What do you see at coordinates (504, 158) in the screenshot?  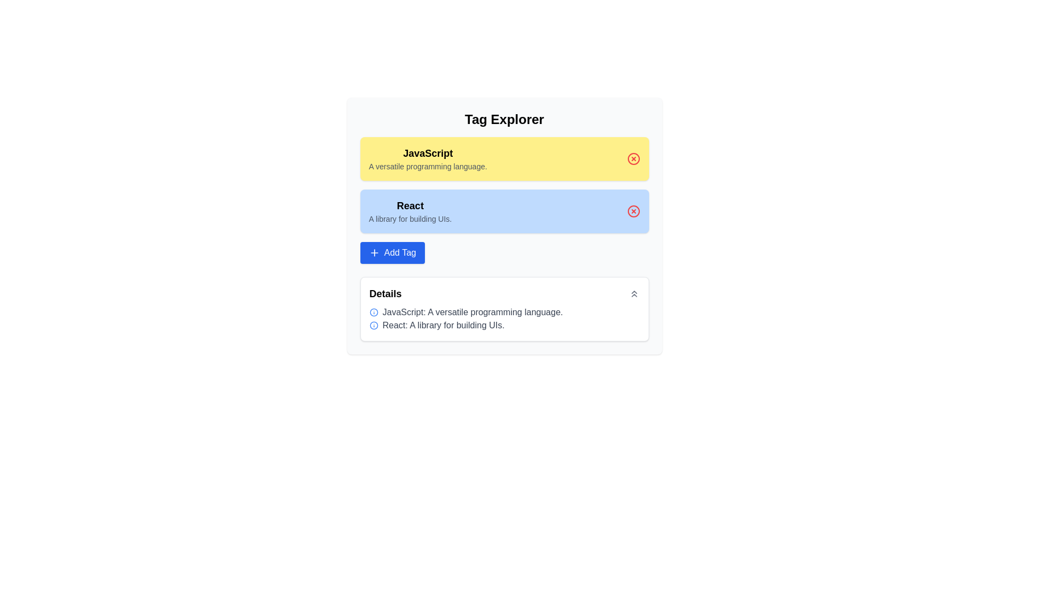 I see `displayed information about 'JavaScript' from the interactive button element with a yellow background and a red circular icon with an 'X'` at bounding box center [504, 158].